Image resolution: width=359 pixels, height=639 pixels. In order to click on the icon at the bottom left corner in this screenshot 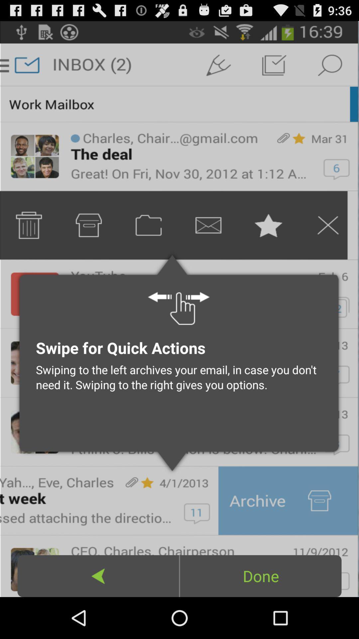, I will do `click(98, 576)`.